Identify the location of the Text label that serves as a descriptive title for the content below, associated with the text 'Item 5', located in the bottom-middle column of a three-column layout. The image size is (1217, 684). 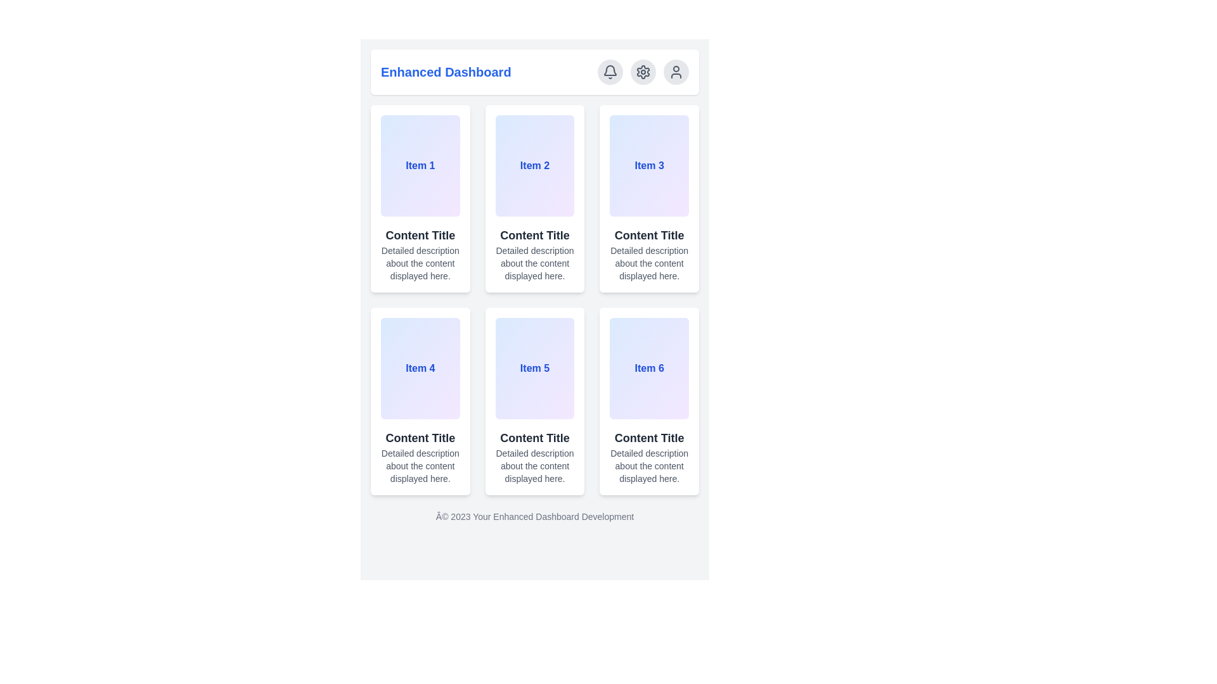
(535, 437).